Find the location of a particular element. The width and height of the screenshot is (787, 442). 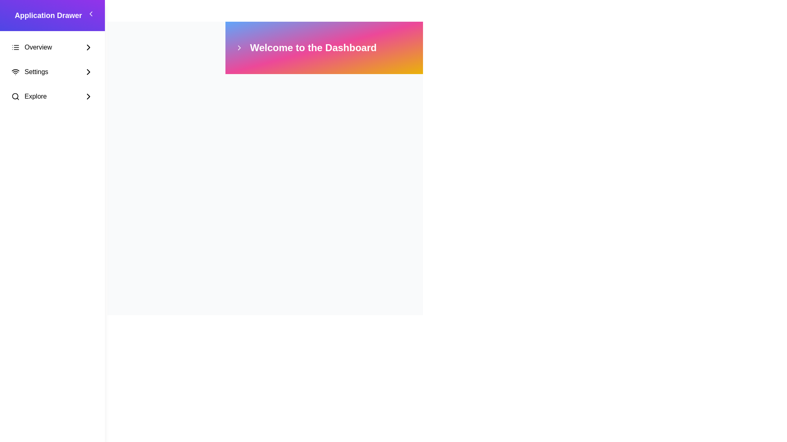

the Wi-Fi icon located to the left of the 'Settings' text label in the left-hand side menu is located at coordinates (16, 72).